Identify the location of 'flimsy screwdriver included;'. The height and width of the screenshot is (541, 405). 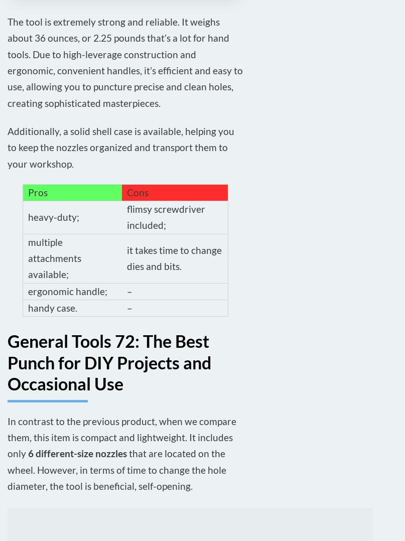
(126, 217).